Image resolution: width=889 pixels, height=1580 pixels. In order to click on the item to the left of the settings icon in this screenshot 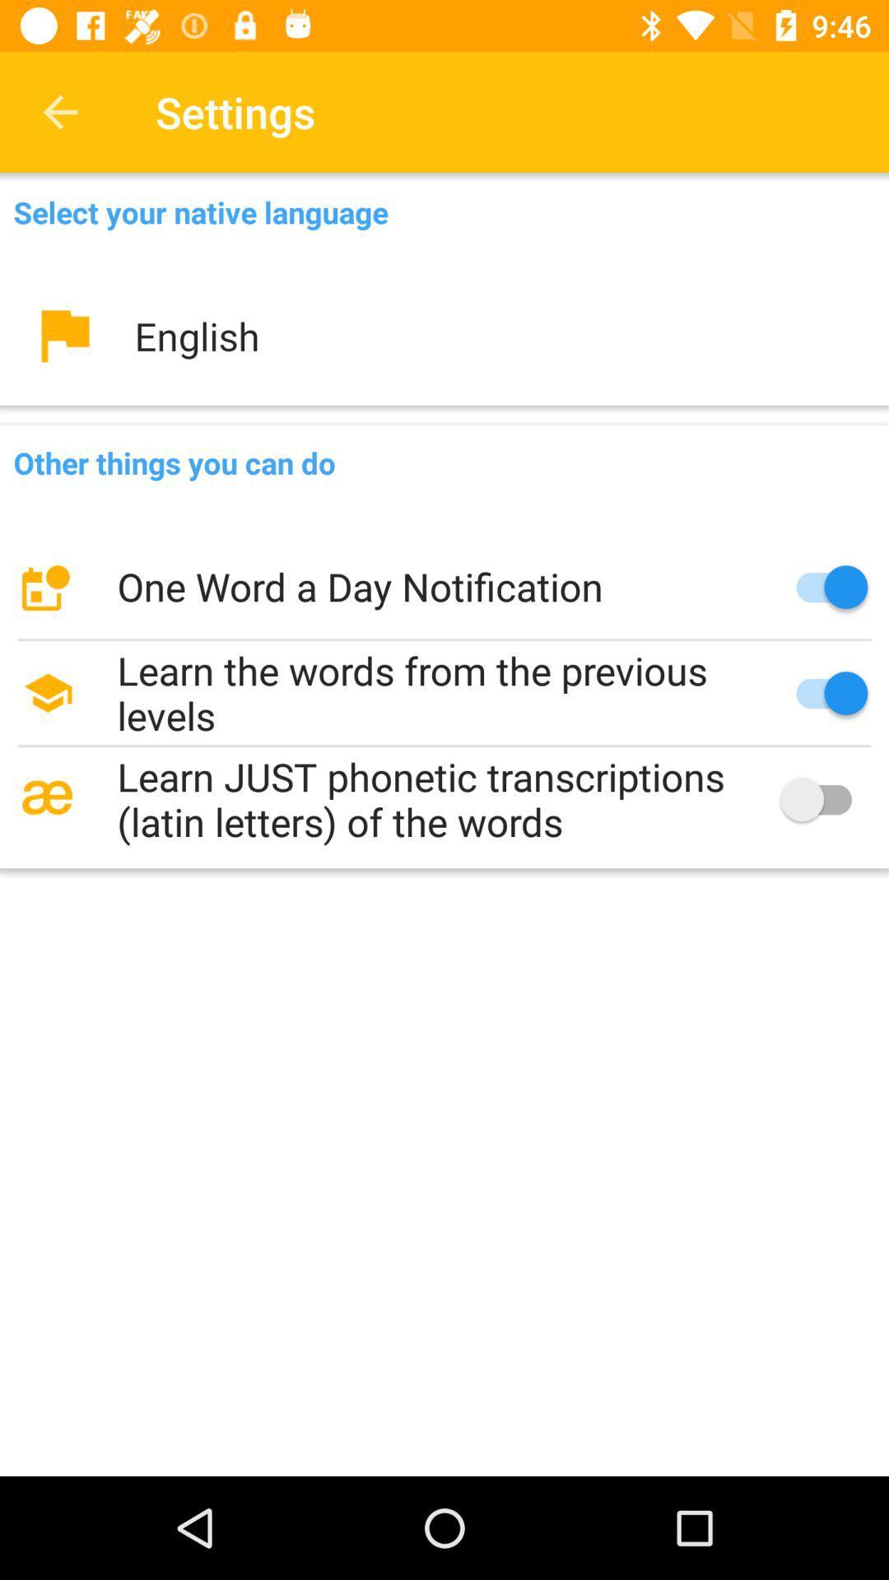, I will do `click(59, 111)`.